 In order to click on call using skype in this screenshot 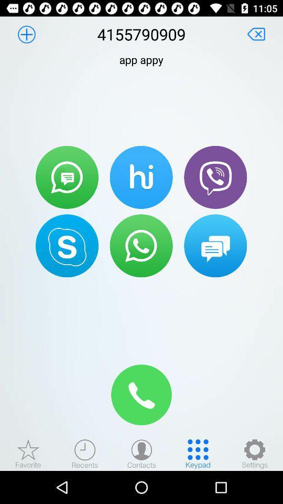, I will do `click(67, 246)`.